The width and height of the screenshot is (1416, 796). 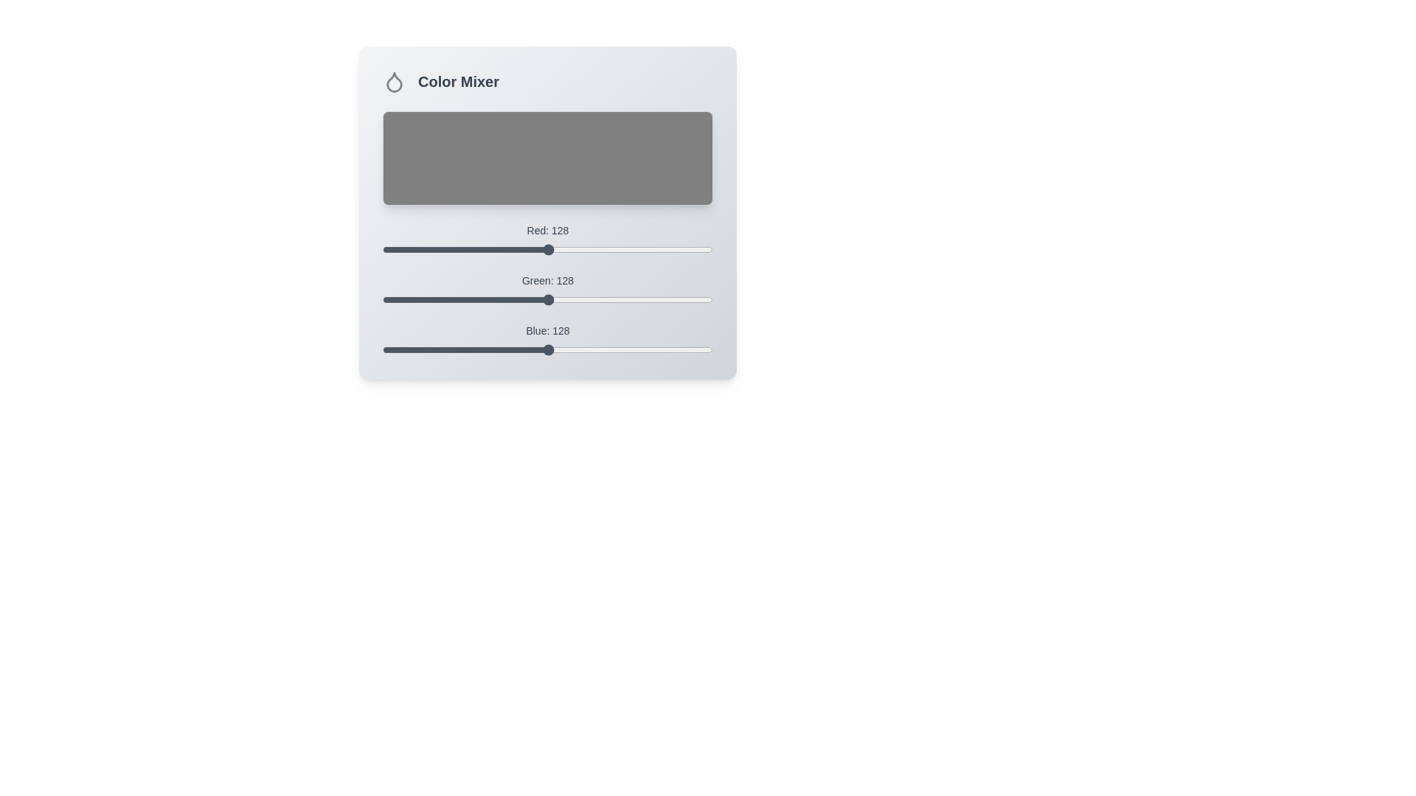 What do you see at coordinates (613, 293) in the screenshot?
I see `the 1 slider to 178` at bounding box center [613, 293].